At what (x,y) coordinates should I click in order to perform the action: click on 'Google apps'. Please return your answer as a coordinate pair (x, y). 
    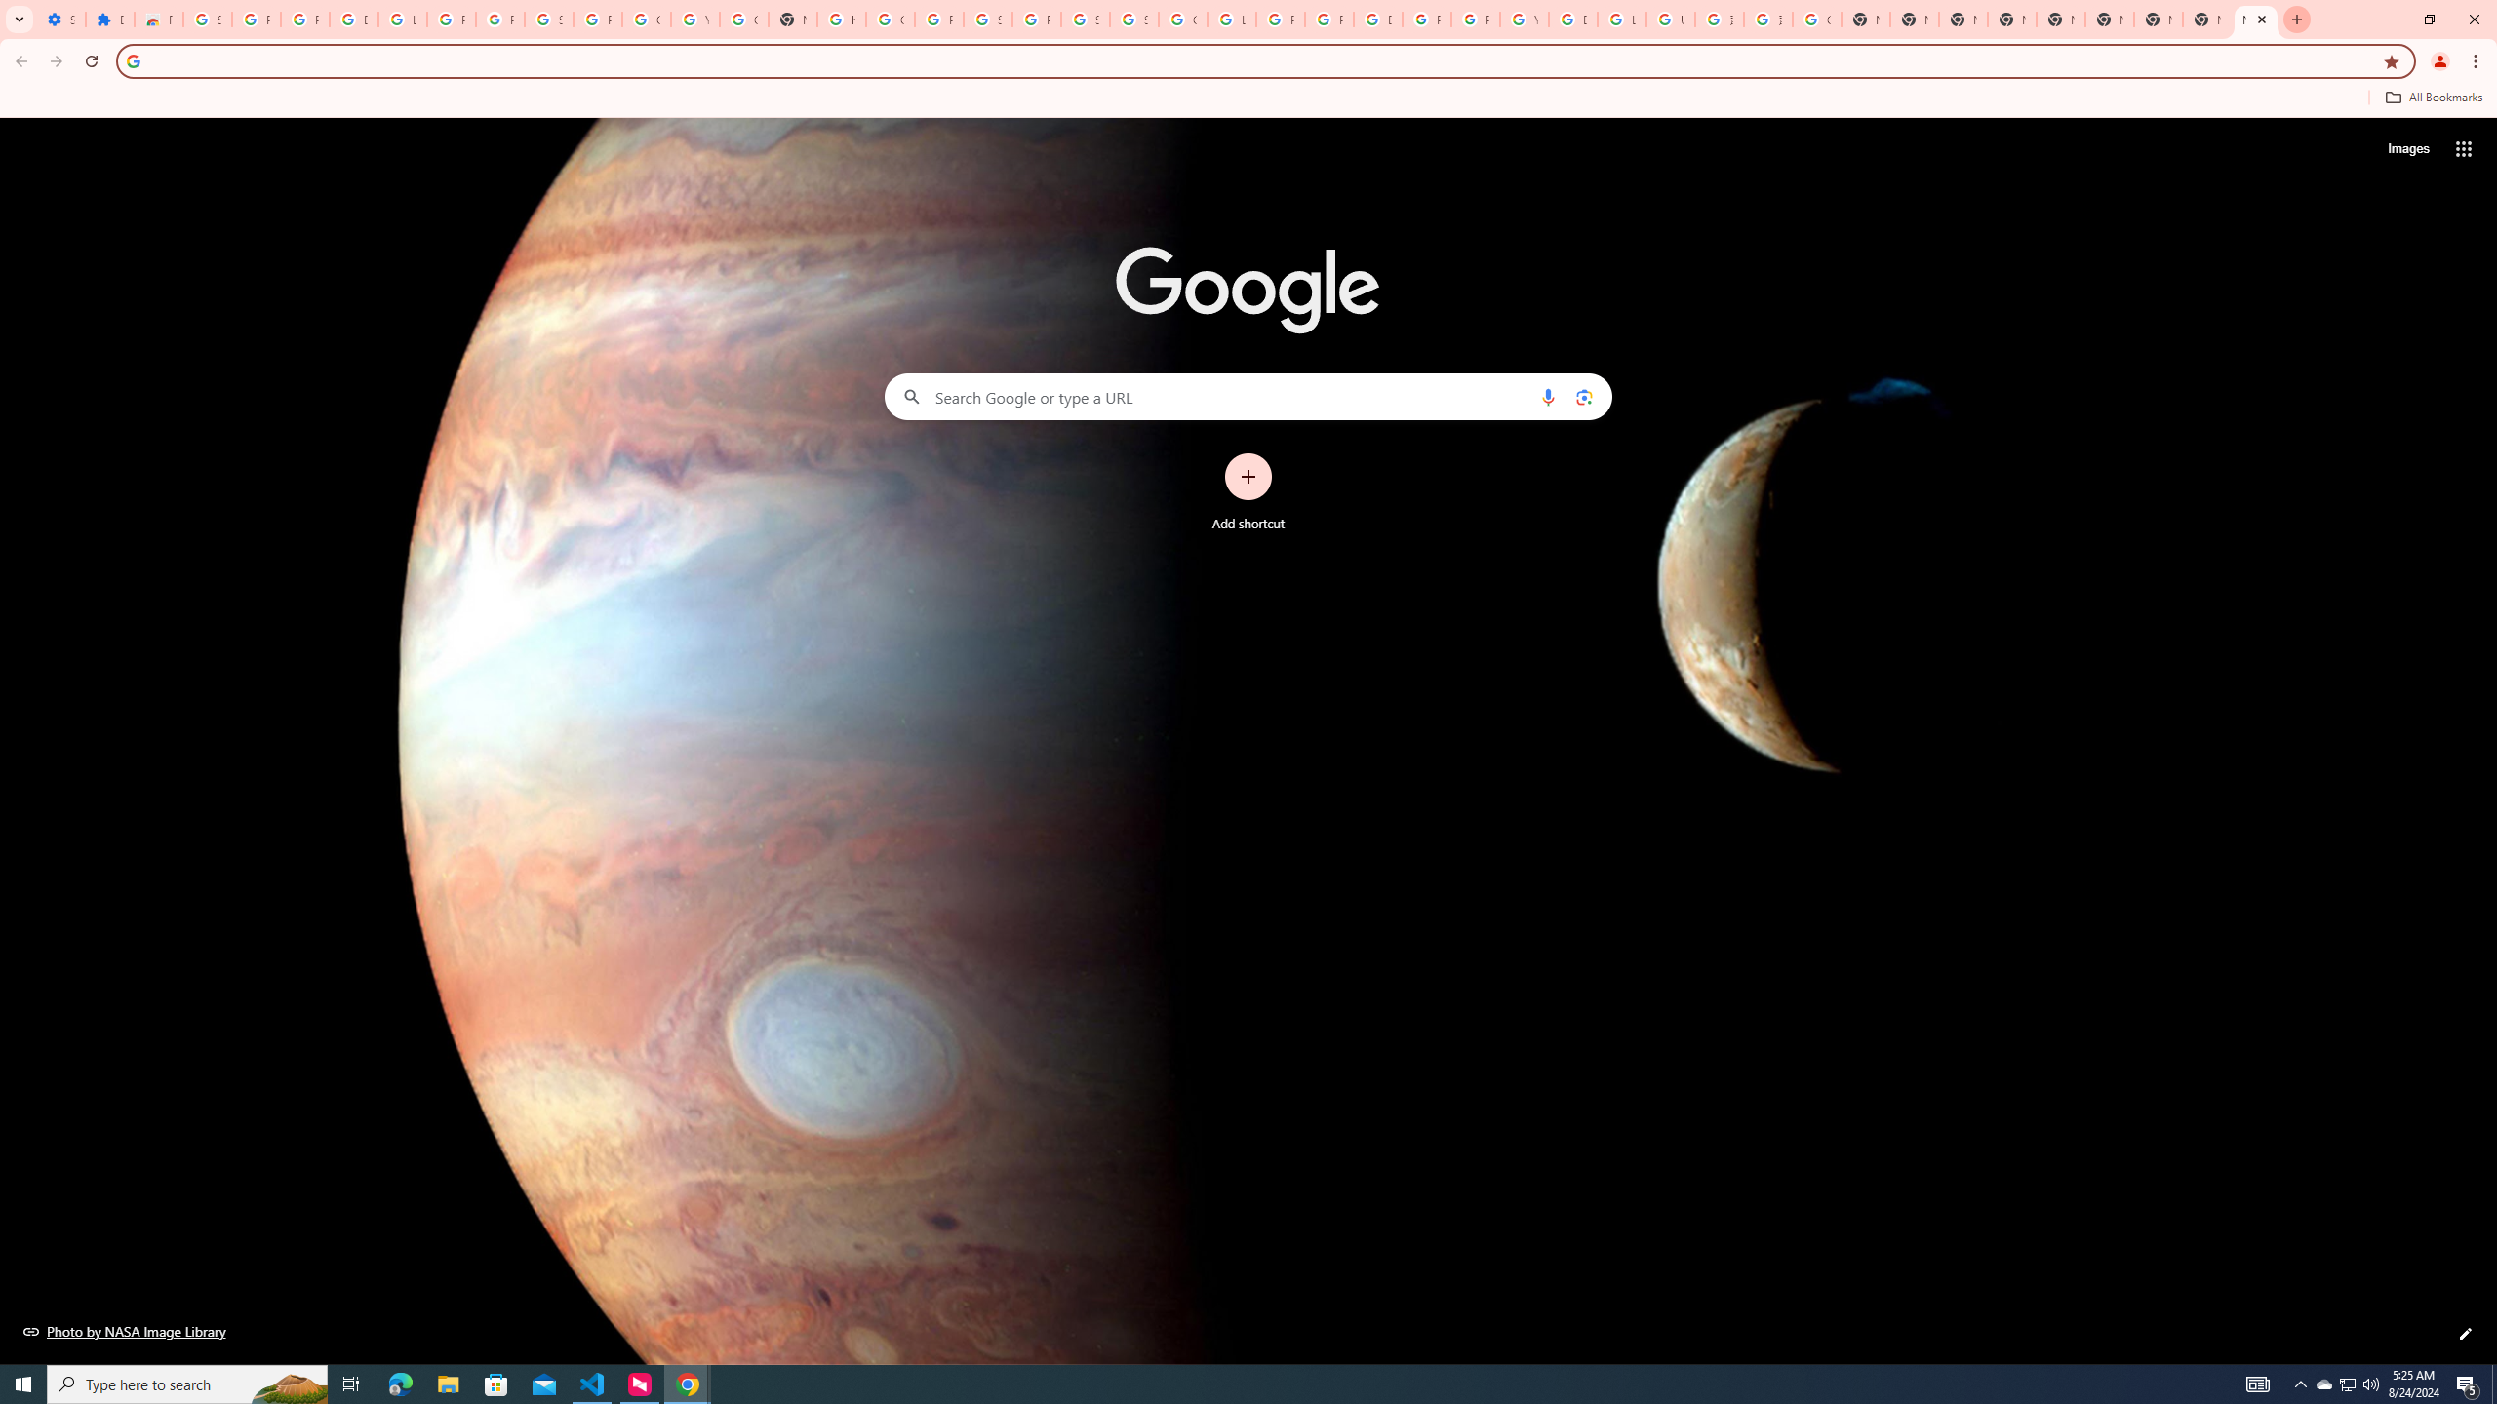
    Looking at the image, I should click on (2464, 148).